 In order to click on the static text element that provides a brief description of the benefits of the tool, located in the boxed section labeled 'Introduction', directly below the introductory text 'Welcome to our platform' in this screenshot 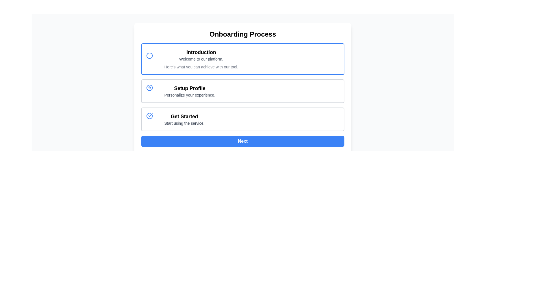, I will do `click(201, 67)`.